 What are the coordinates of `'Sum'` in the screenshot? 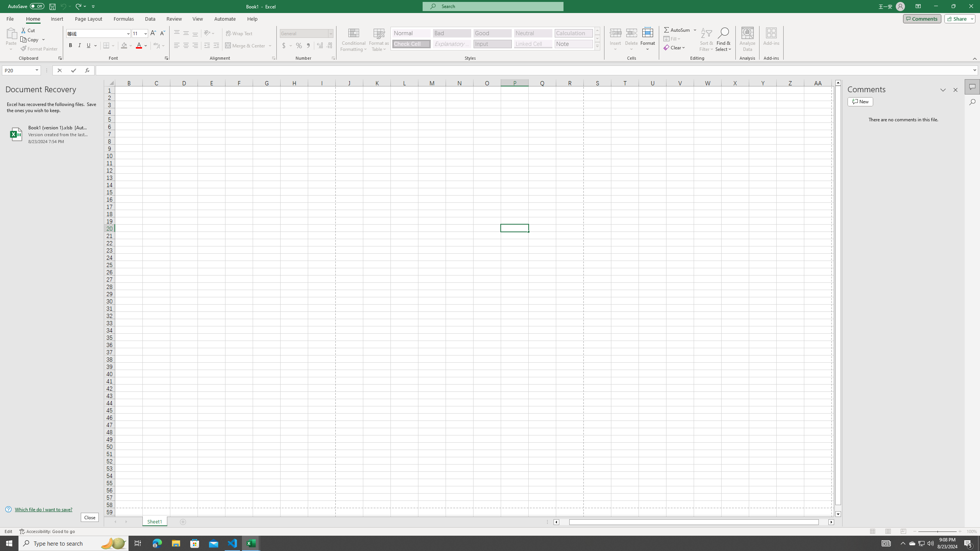 It's located at (677, 29).